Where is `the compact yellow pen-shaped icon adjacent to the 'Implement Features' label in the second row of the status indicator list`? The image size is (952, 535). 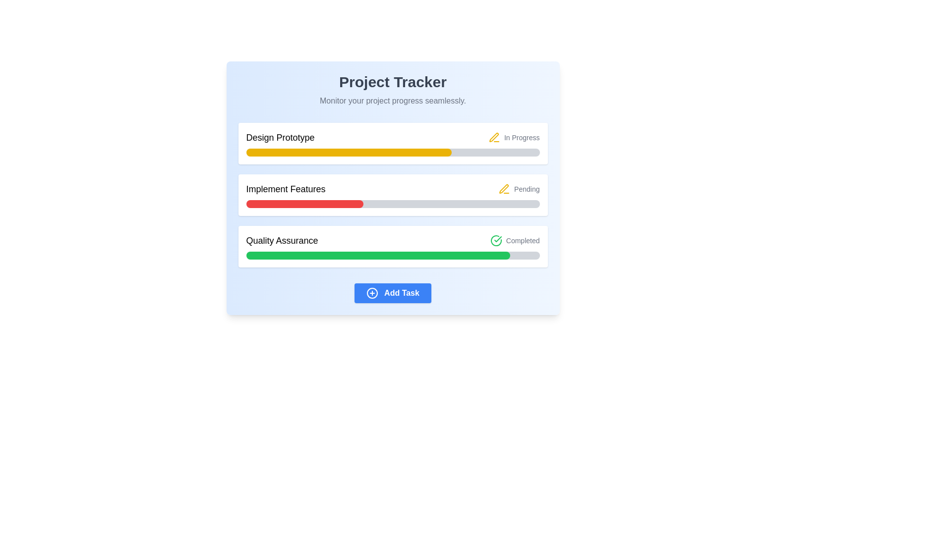
the compact yellow pen-shaped icon adjacent to the 'Implement Features' label in the second row of the status indicator list is located at coordinates (504, 189).